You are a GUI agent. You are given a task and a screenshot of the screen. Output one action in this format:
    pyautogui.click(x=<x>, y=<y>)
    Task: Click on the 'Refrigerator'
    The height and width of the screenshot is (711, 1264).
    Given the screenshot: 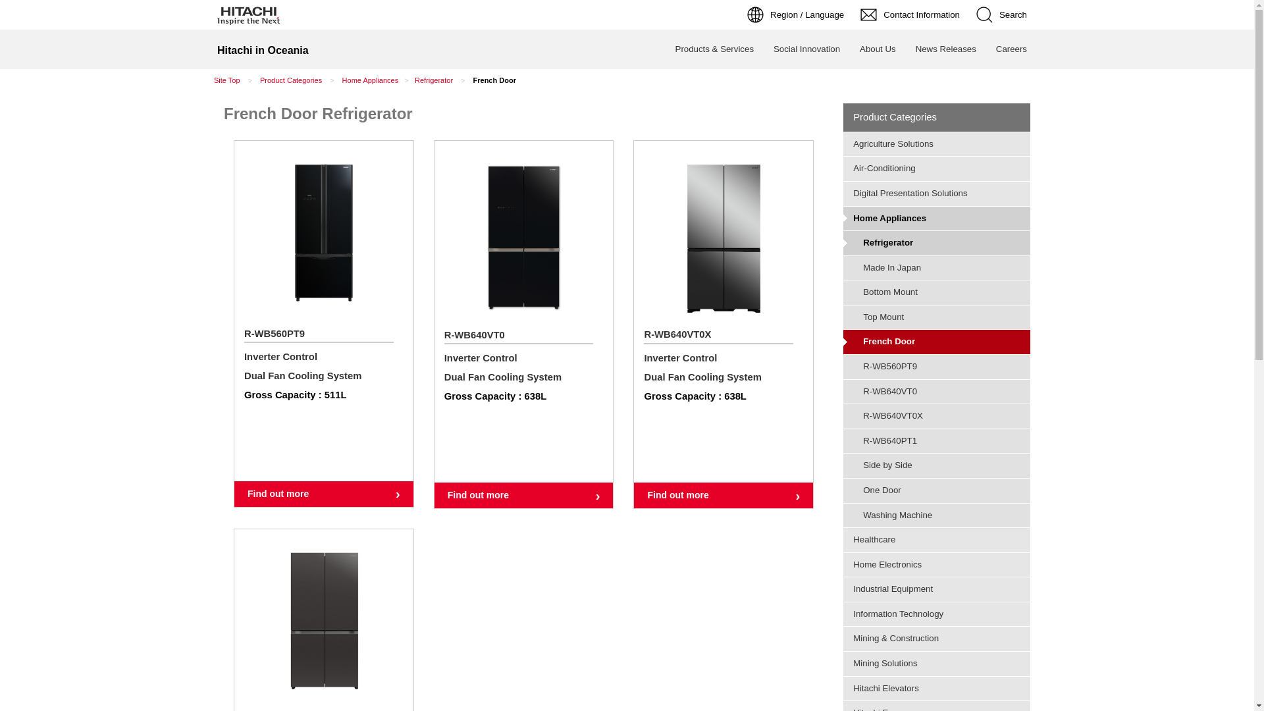 What is the action you would take?
    pyautogui.click(x=935, y=243)
    